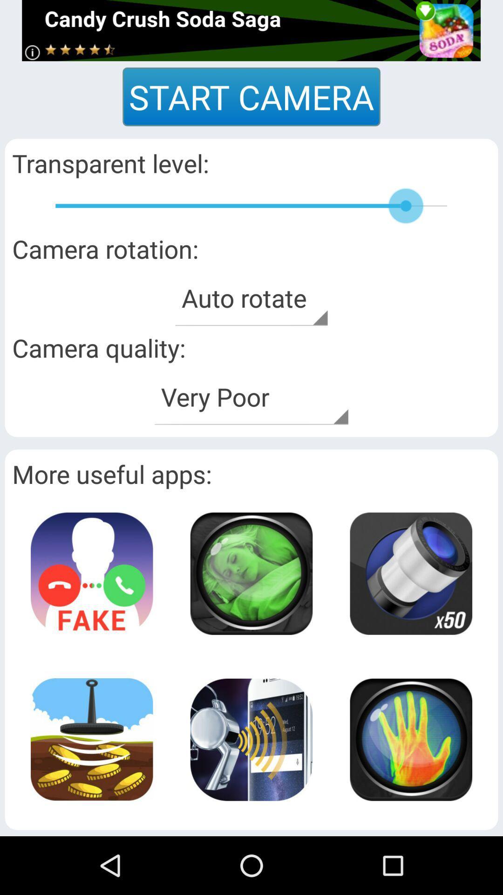 Image resolution: width=503 pixels, height=895 pixels. What do you see at coordinates (251, 739) in the screenshot?
I see `speaker option` at bounding box center [251, 739].